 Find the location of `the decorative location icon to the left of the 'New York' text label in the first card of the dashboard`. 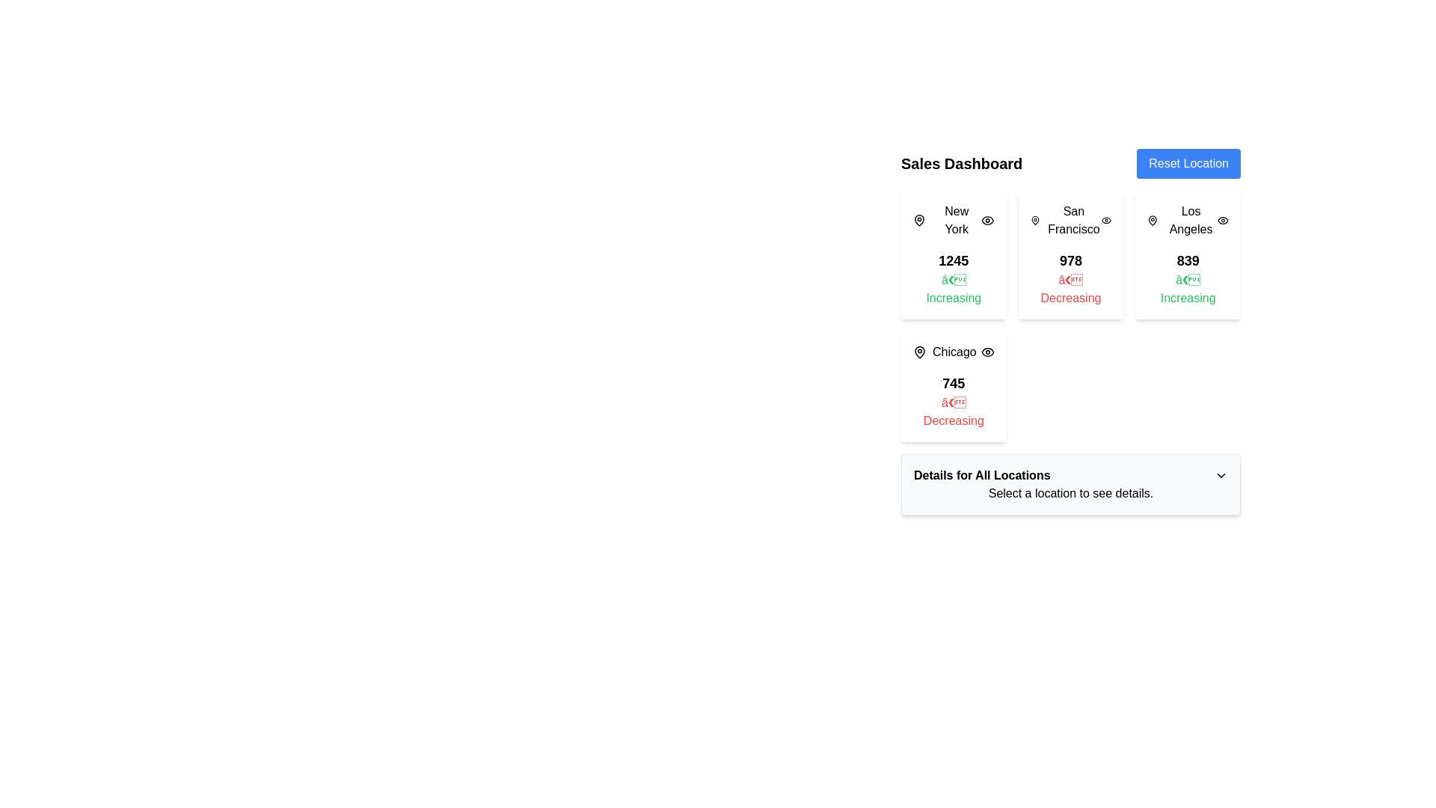

the decorative location icon to the left of the 'New York' text label in the first card of the dashboard is located at coordinates (918, 220).